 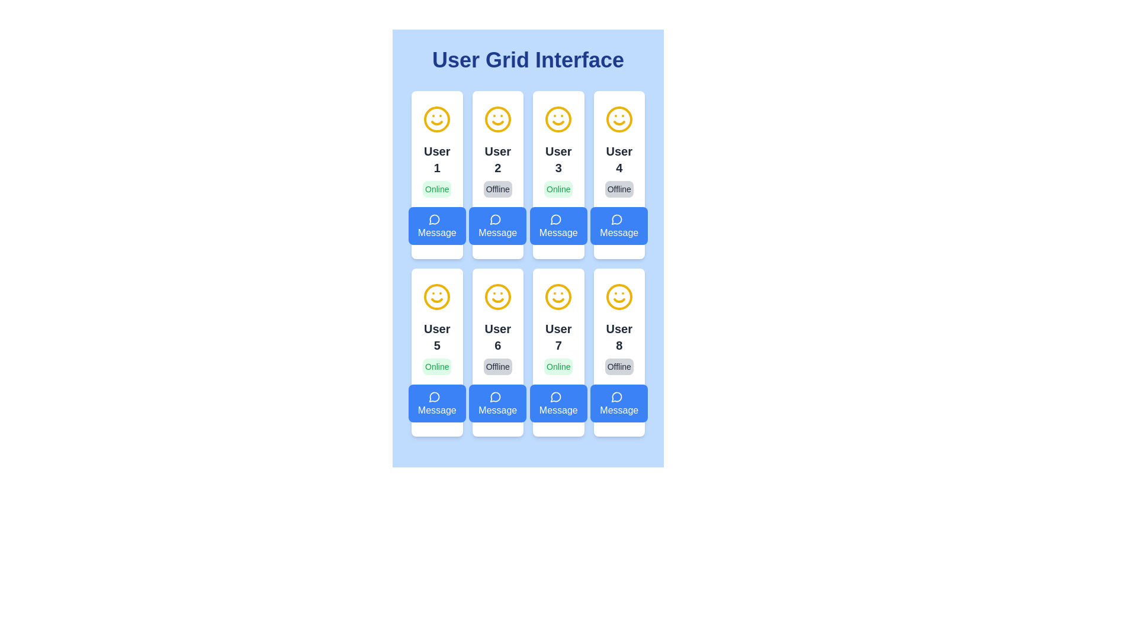 What do you see at coordinates (555, 219) in the screenshot?
I see `the speech bubble icon within the 'Message' button associated with 'User 3' in the user card grid` at bounding box center [555, 219].